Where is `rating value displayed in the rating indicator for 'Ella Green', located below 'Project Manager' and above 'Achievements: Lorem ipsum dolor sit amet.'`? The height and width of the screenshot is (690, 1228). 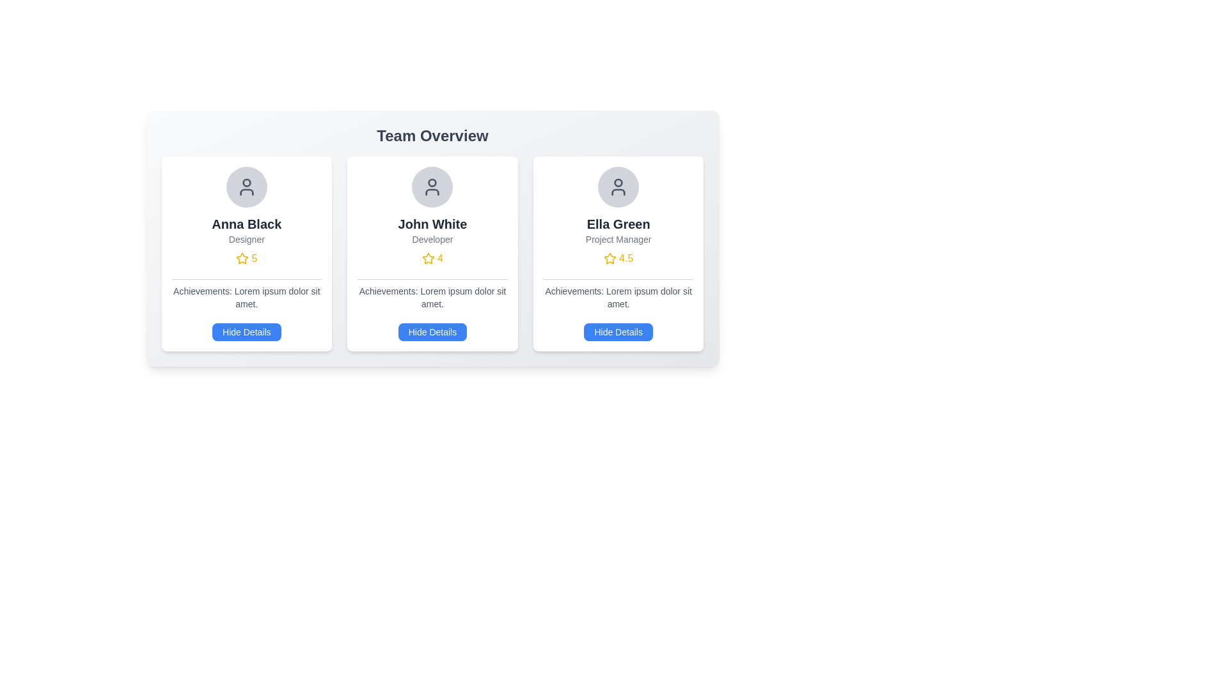 rating value displayed in the rating indicator for 'Ella Green', located below 'Project Manager' and above 'Achievements: Lorem ipsum dolor sit amet.' is located at coordinates (618, 259).